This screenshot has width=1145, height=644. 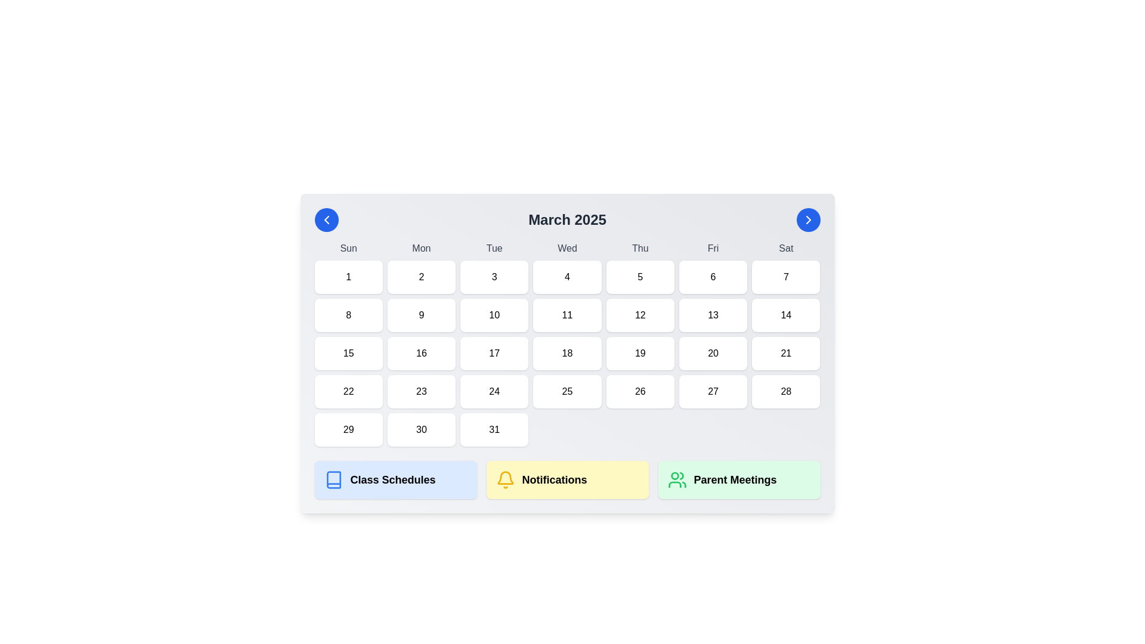 I want to click on the text label displaying 'Fri', which is part of a horizontal grouping of day labels indicating Friday's abbreviation, so click(x=713, y=247).